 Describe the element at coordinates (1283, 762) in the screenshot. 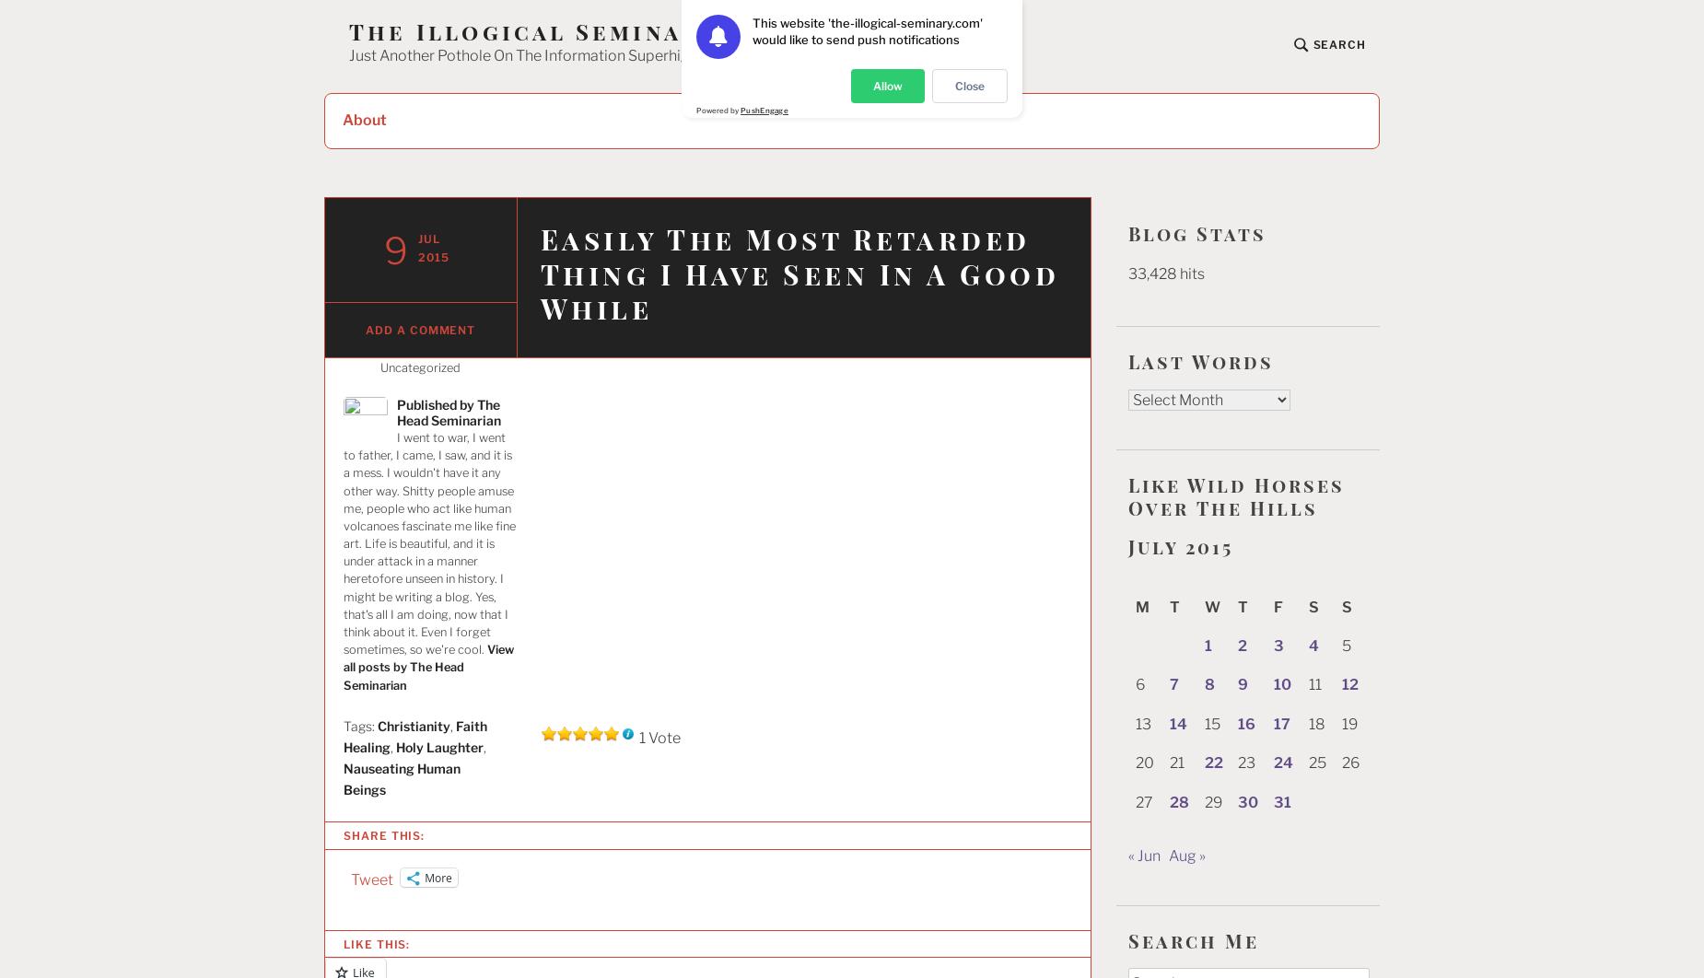

I see `'24'` at that location.